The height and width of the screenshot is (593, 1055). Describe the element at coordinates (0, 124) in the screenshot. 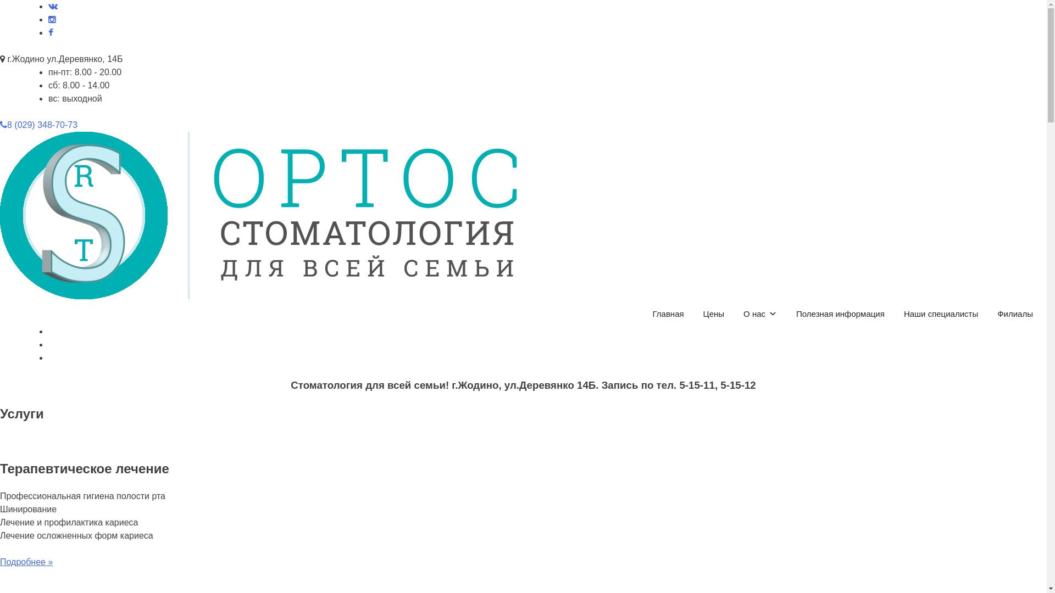

I see `'8 (029) 348-70-73'` at that location.